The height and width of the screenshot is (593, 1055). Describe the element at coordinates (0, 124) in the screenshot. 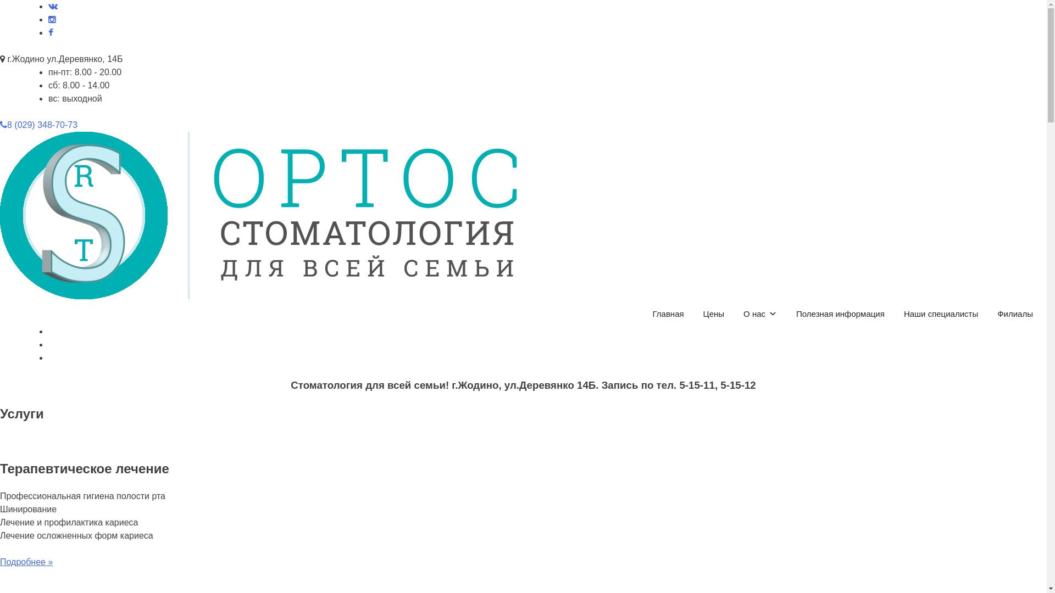

I see `'8 (029) 348-70-73'` at that location.